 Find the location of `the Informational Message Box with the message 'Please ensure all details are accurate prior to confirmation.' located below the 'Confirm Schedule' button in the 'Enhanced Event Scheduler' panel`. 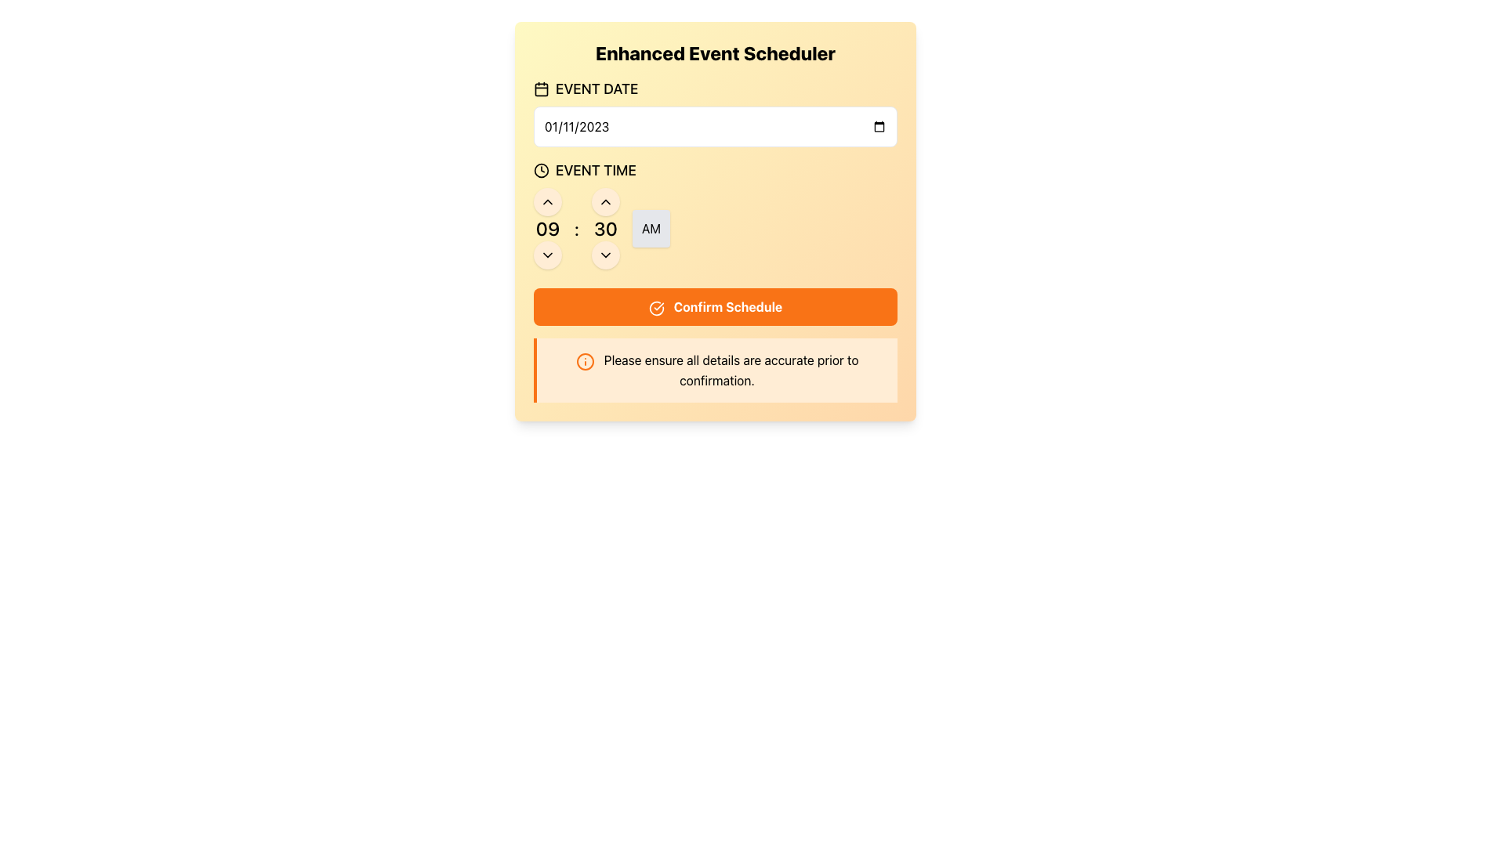

the Informational Message Box with the message 'Please ensure all details are accurate prior to confirmation.' located below the 'Confirm Schedule' button in the 'Enhanced Event Scheduler' panel is located at coordinates (714, 369).